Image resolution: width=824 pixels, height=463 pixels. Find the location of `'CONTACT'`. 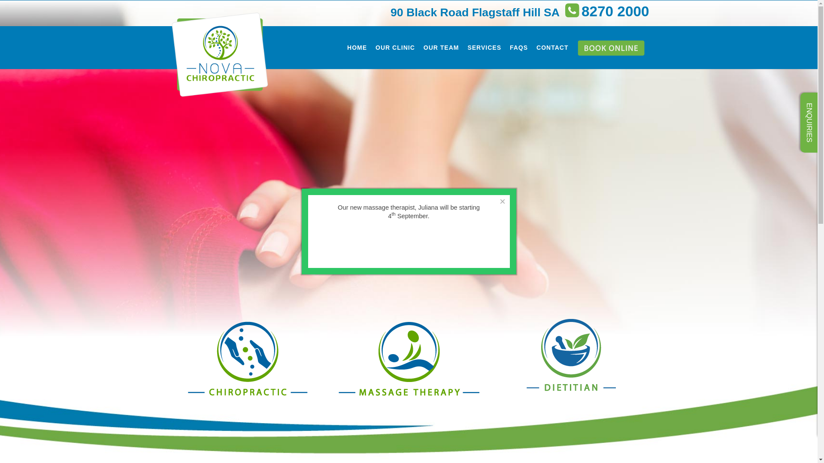

'CONTACT' is located at coordinates (531, 48).